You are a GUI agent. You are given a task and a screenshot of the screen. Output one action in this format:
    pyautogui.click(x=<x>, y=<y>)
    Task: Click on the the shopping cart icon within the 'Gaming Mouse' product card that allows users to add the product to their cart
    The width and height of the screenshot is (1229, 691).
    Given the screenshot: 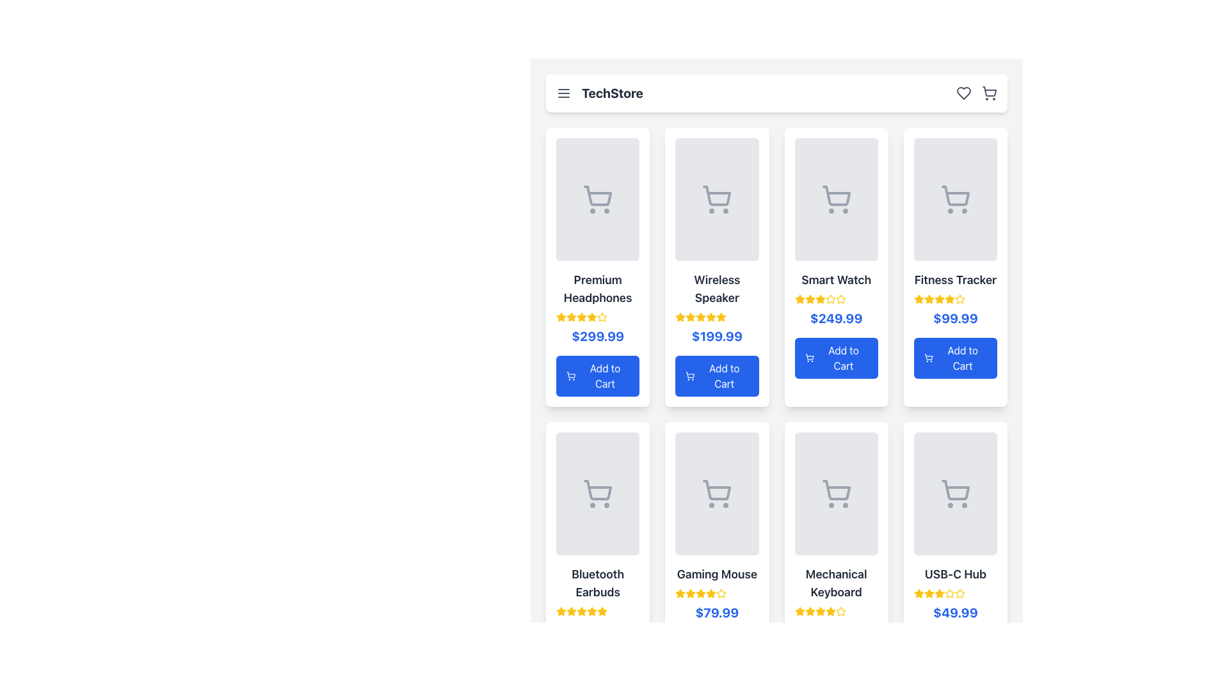 What is the action you would take?
    pyautogui.click(x=717, y=489)
    